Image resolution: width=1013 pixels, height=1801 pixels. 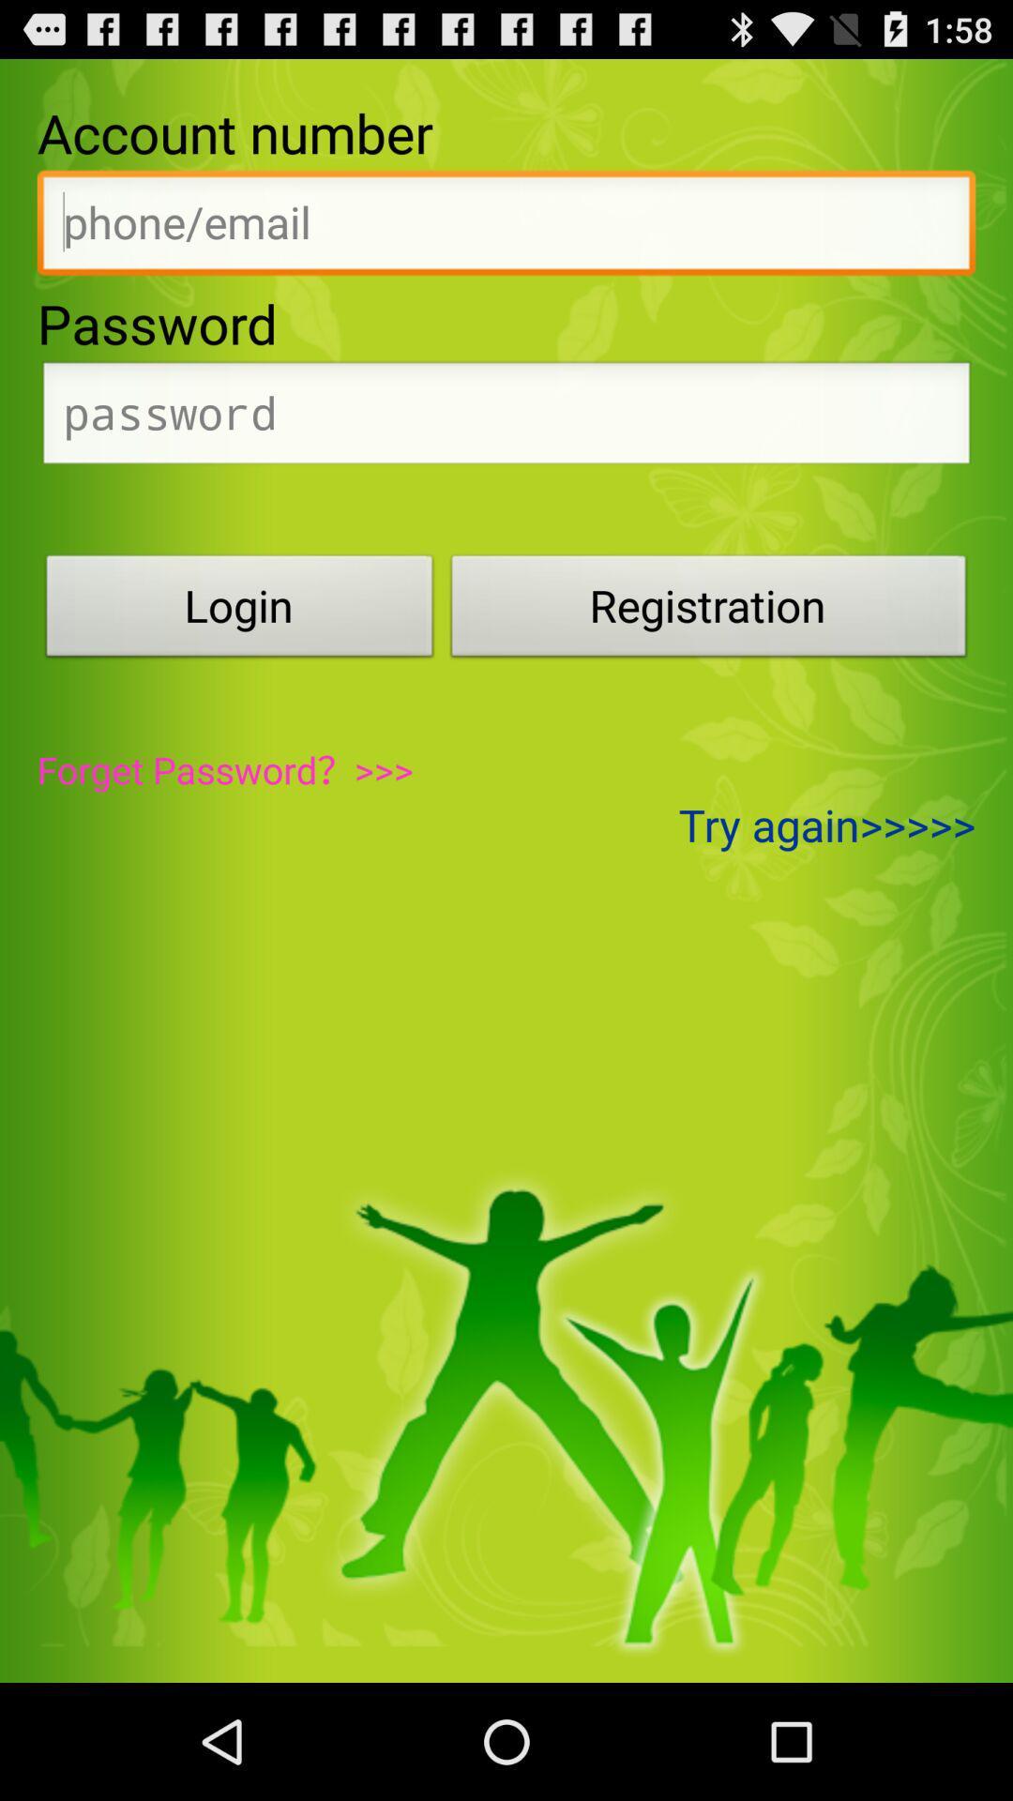 What do you see at coordinates (826, 825) in the screenshot?
I see `try again>>>>> app` at bounding box center [826, 825].